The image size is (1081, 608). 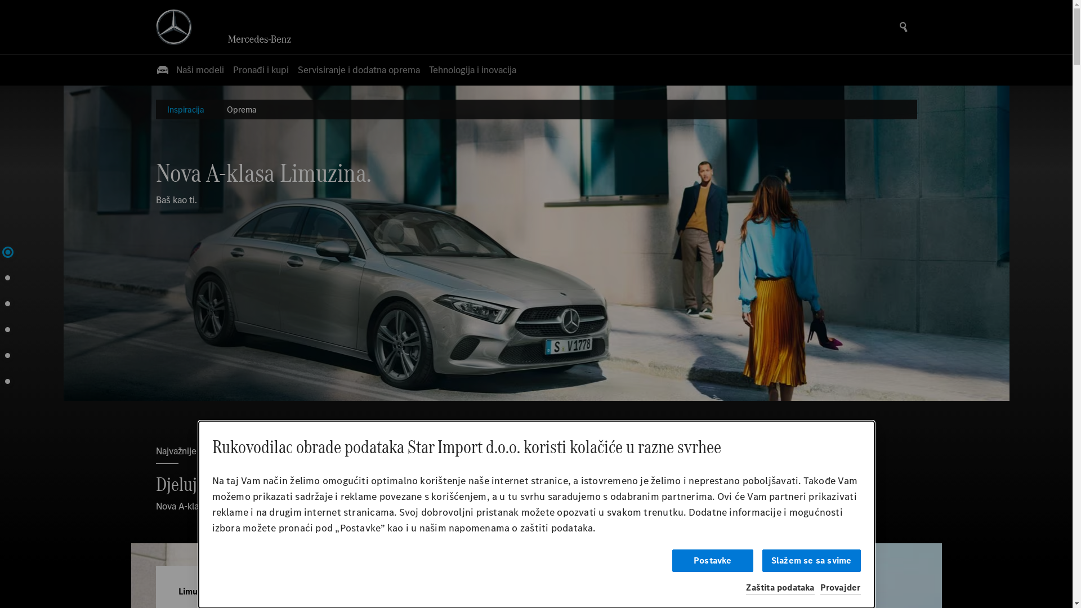 I want to click on 'Oprema', so click(x=226, y=109).